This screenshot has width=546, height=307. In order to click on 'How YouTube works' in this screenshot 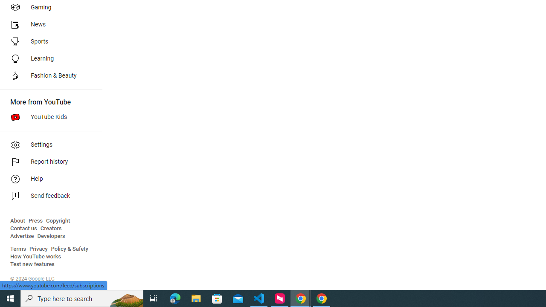, I will do `click(35, 256)`.